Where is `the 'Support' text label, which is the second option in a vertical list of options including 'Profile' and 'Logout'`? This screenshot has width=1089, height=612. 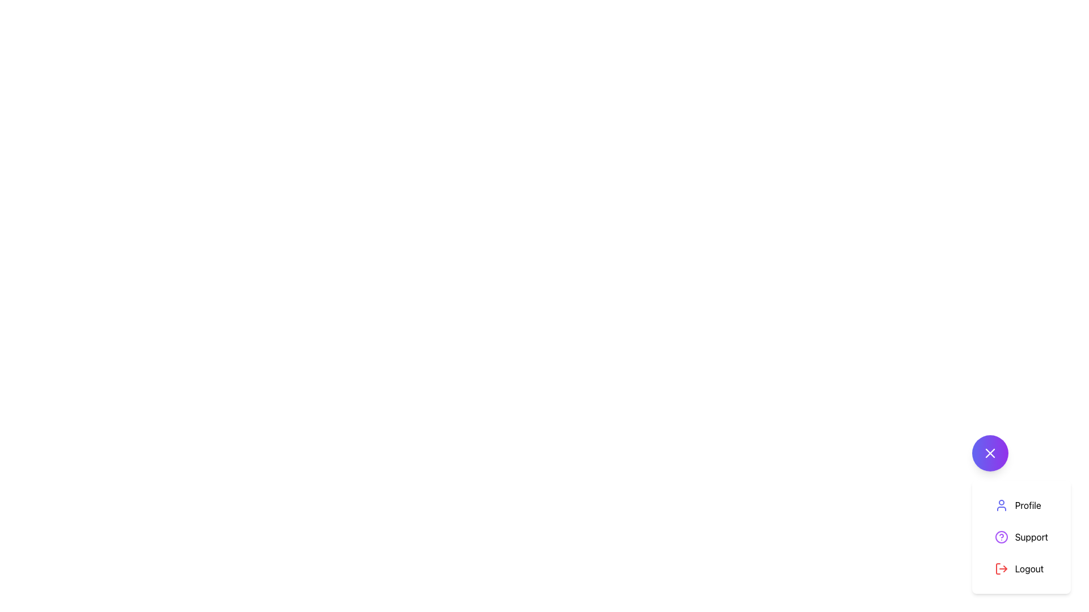 the 'Support' text label, which is the second option in a vertical list of options including 'Profile' and 'Logout' is located at coordinates (1031, 537).